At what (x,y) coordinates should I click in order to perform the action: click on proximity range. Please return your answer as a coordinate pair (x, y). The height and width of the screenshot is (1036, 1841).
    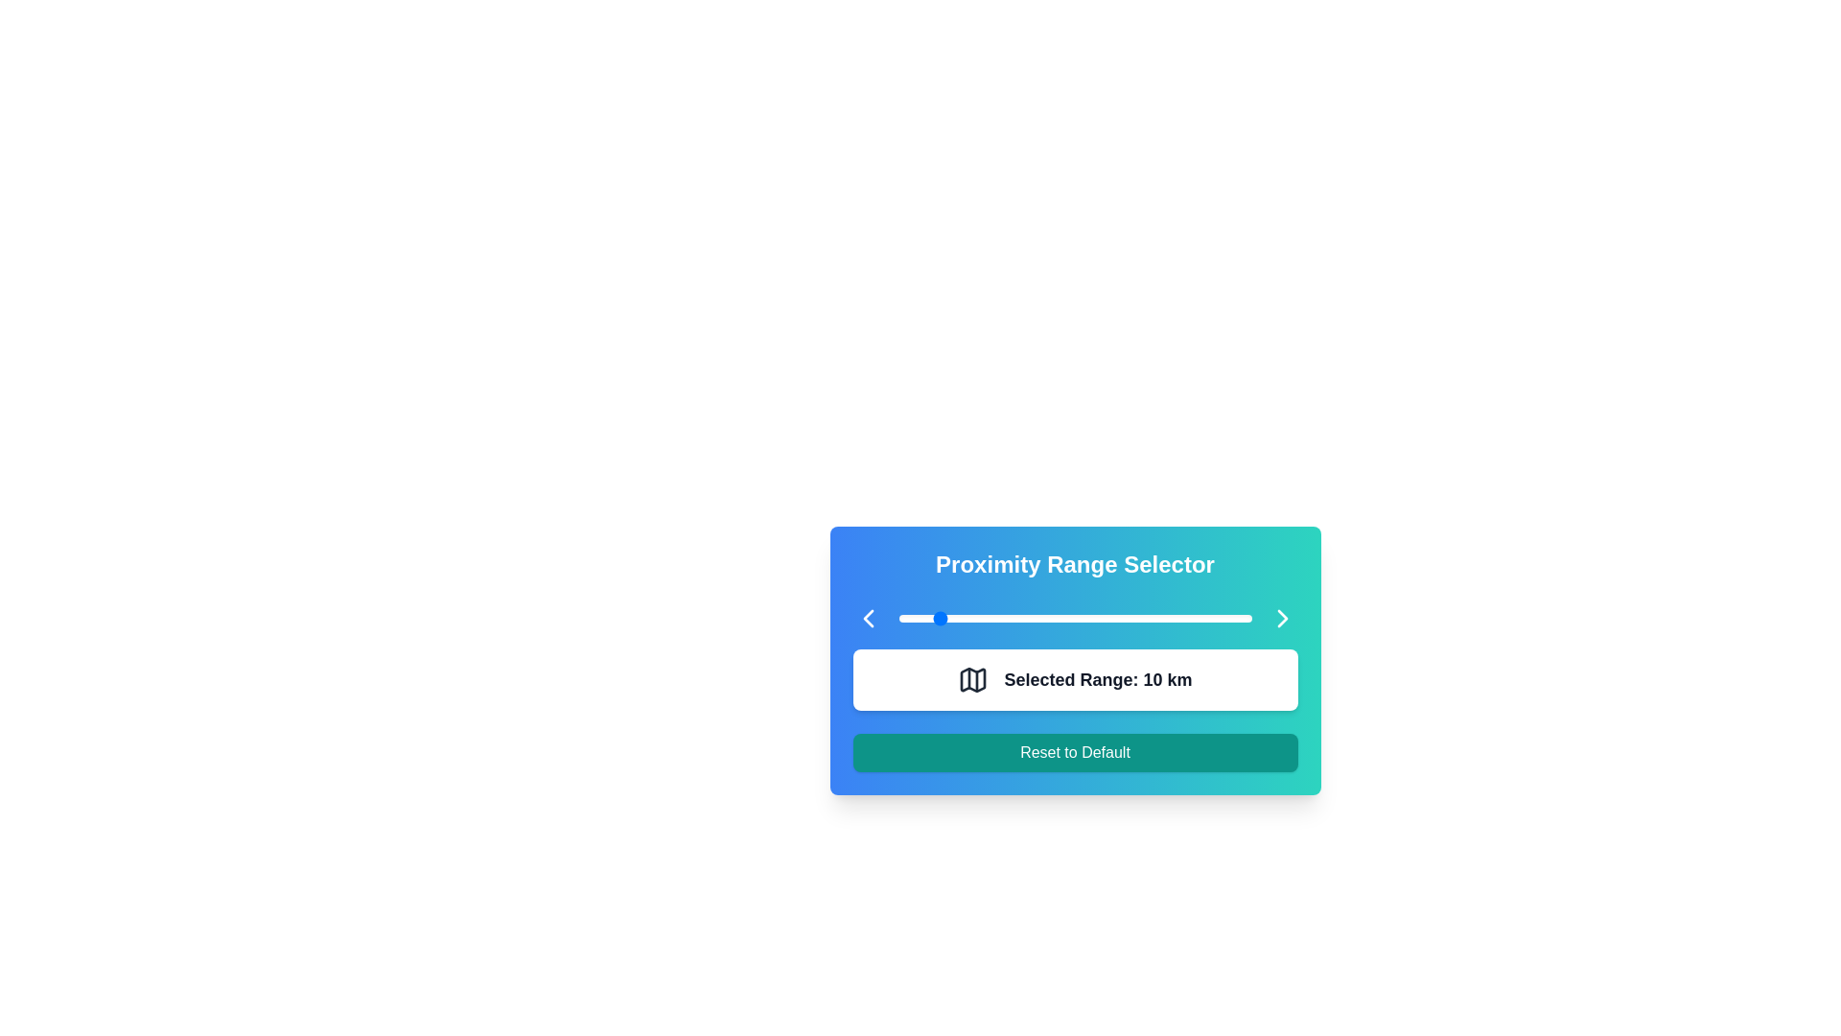
    Looking at the image, I should click on (1225, 618).